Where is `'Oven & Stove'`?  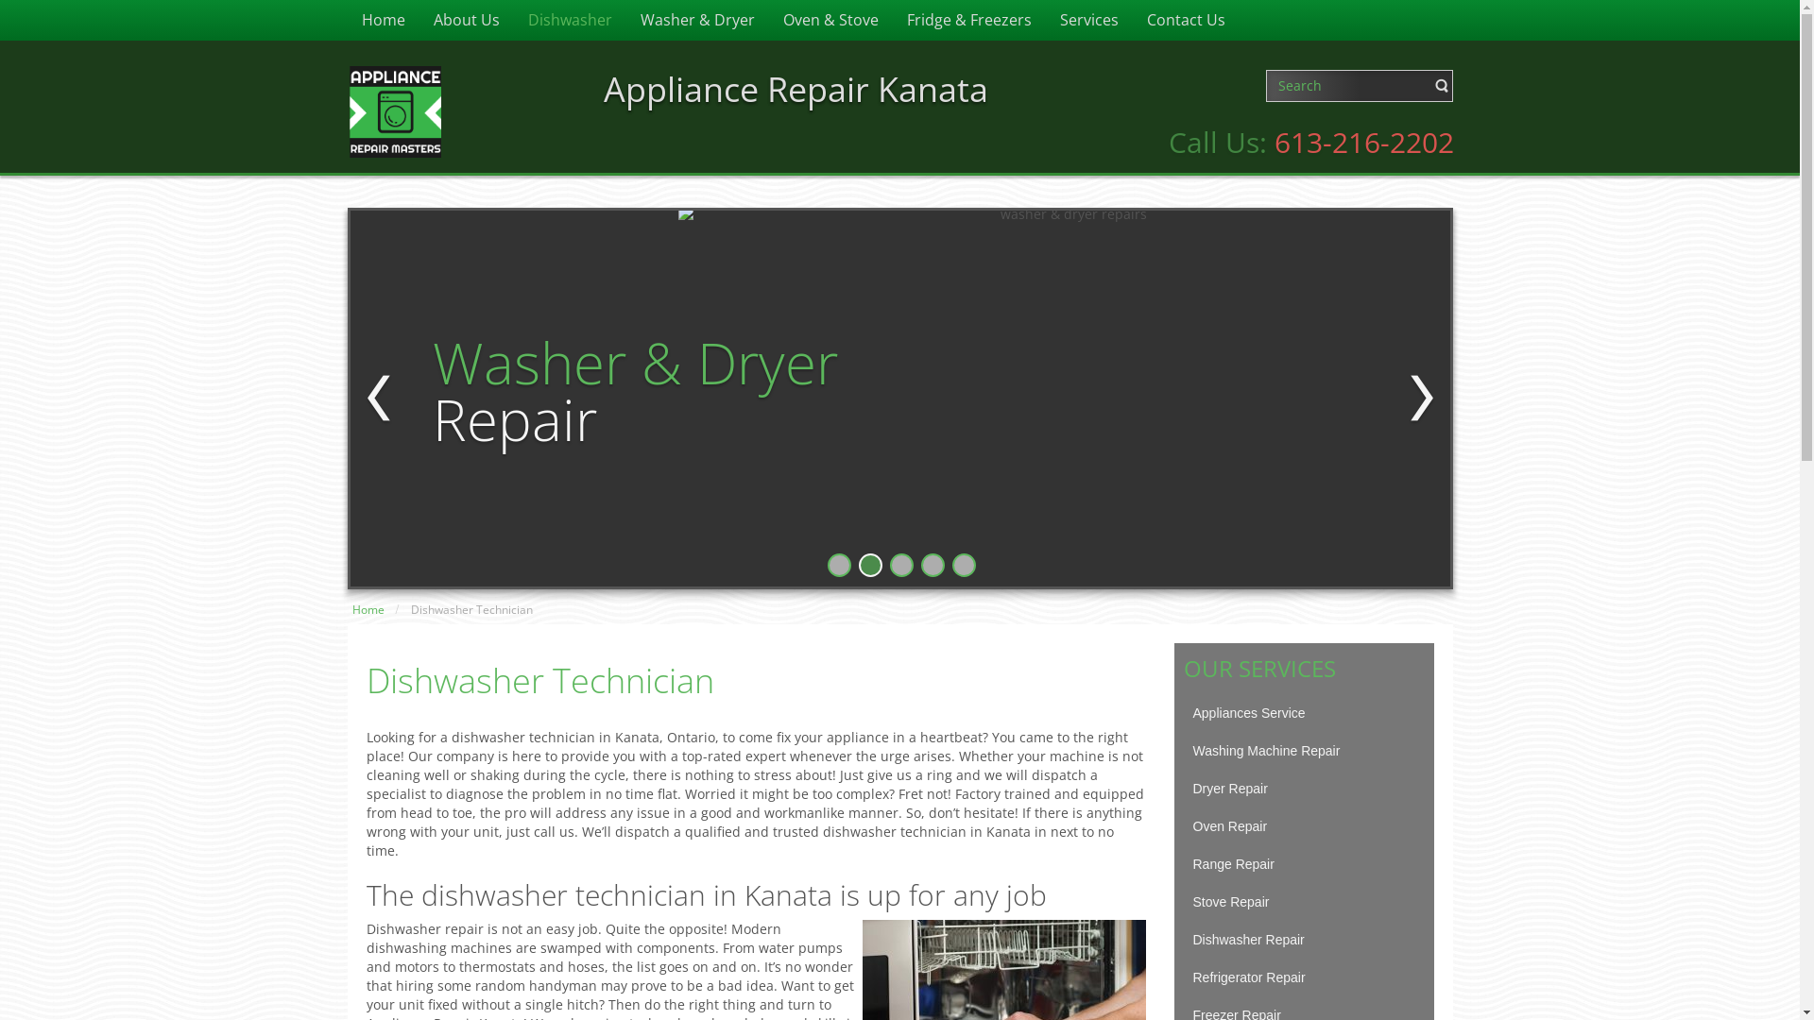 'Oven & Stove' is located at coordinates (769, 20).